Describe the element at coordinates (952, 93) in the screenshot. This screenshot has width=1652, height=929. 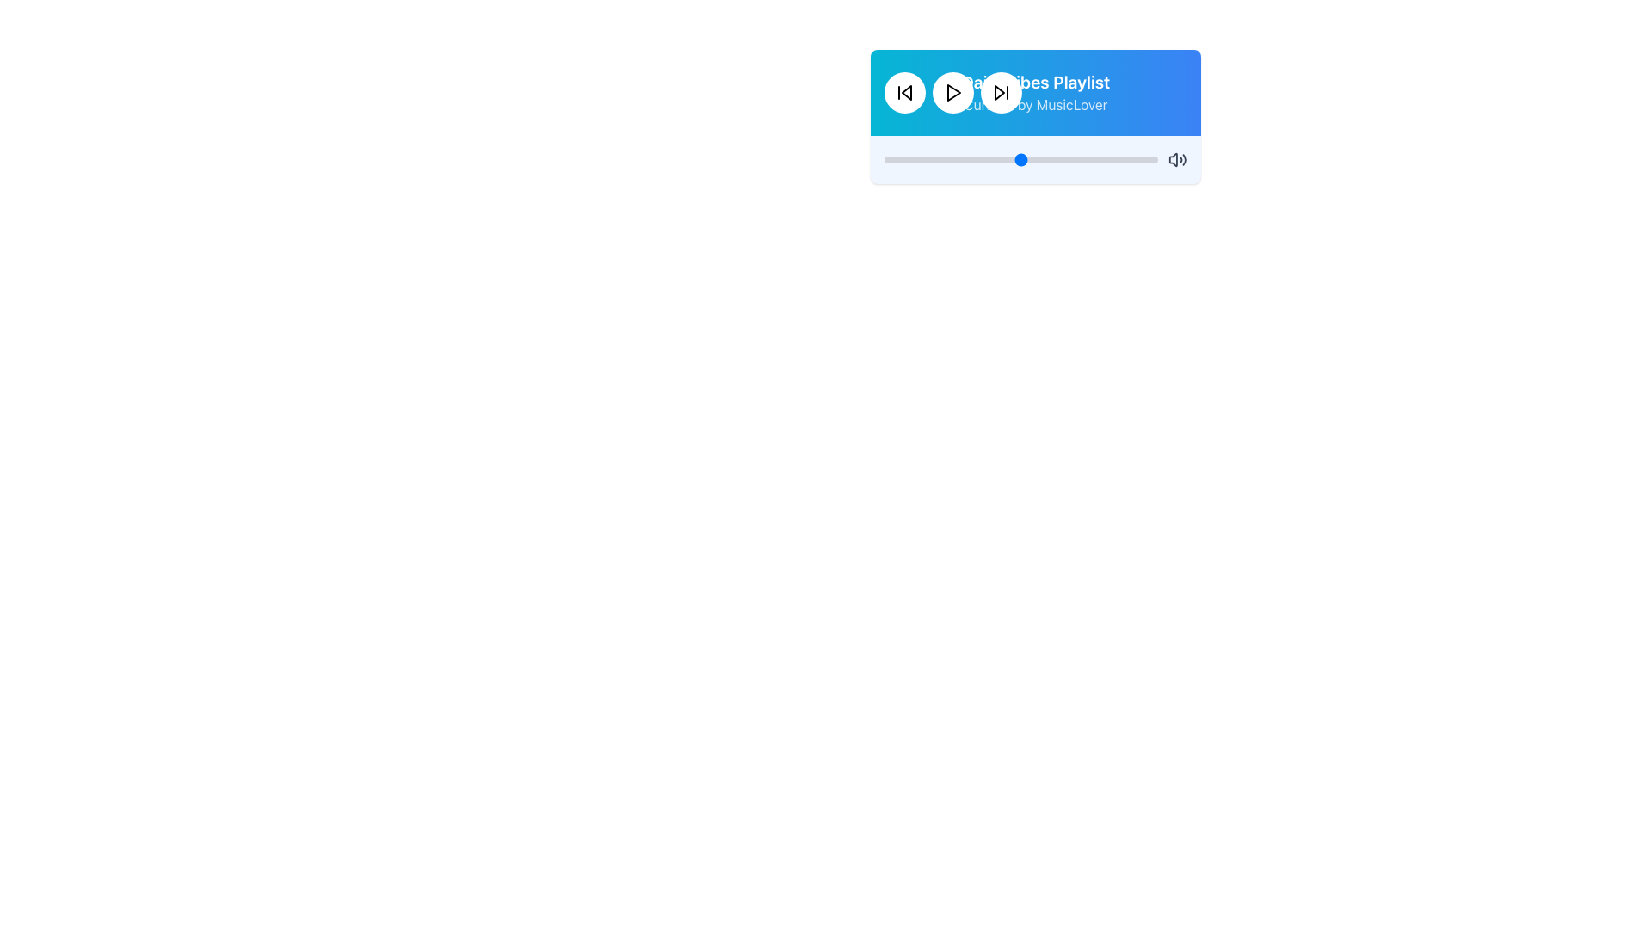
I see `the circular button with a white background and a black play icon, which is the middle button of three consecutive round buttons in the media control bar below the 'Daily Vibes Playlist' title` at that location.